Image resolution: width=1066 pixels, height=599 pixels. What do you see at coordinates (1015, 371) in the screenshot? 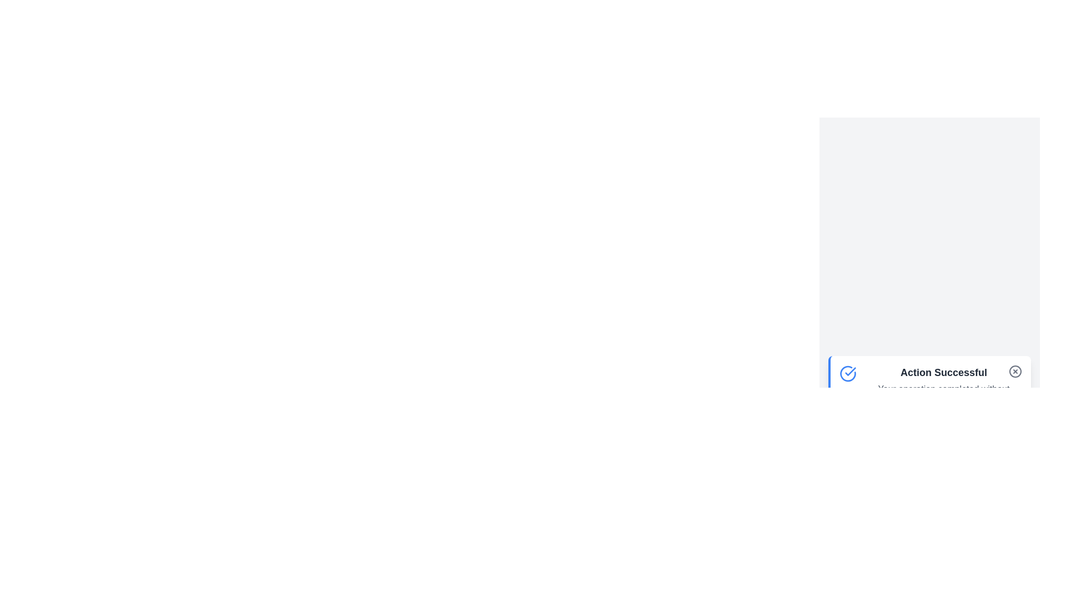
I see `the close button to dismiss the alert` at bounding box center [1015, 371].